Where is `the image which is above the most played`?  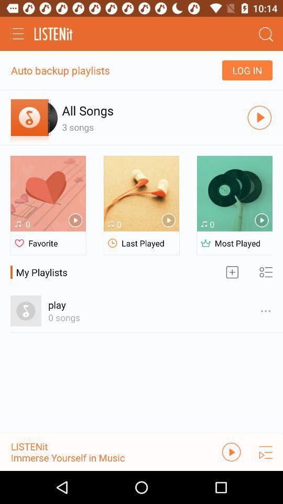 the image which is above the most played is located at coordinates (234, 193).